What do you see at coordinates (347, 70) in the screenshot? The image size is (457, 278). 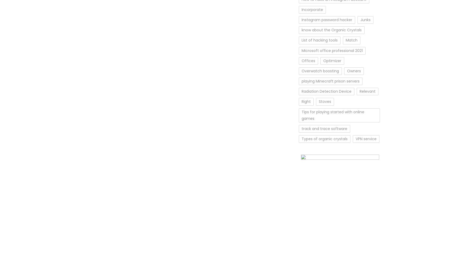 I see `'Owners'` at bounding box center [347, 70].